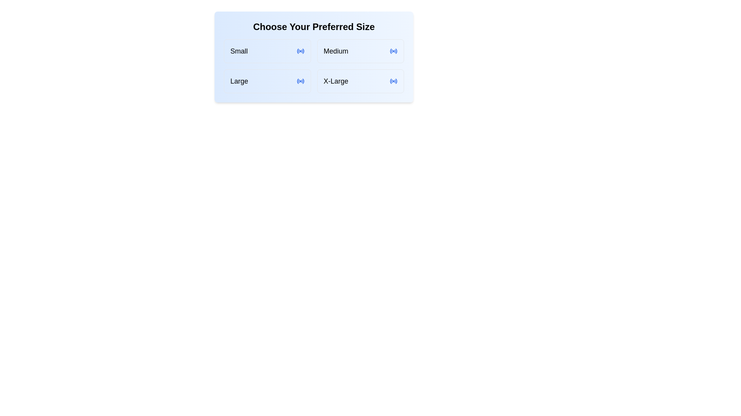 The image size is (741, 416). I want to click on the center of the circular blue icon resembling a radio wave symbol with a small central dot, located in the 'Small' selection box in the top-left corner of the size selection UI, so click(300, 51).